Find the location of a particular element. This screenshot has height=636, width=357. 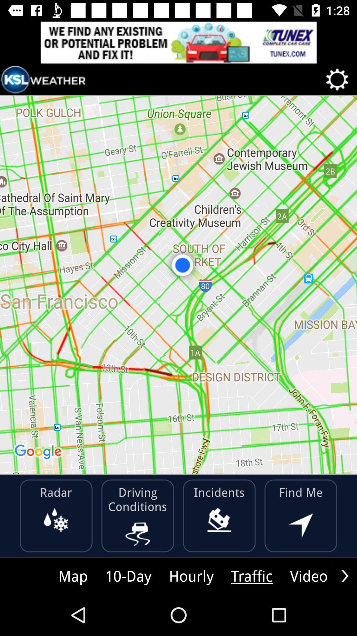

more options is located at coordinates (344, 575).